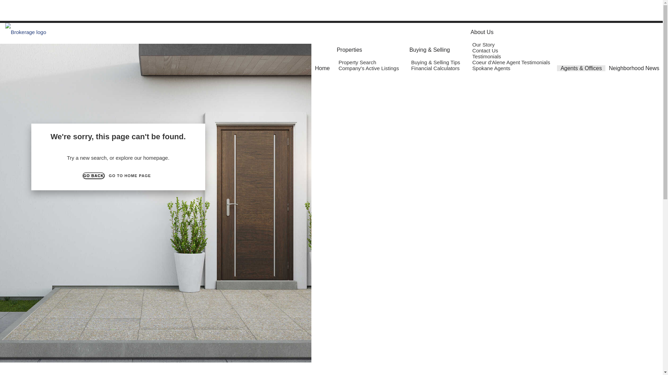 The width and height of the screenshot is (668, 375). What do you see at coordinates (436, 62) in the screenshot?
I see `'Buying & Selling Tips'` at bounding box center [436, 62].